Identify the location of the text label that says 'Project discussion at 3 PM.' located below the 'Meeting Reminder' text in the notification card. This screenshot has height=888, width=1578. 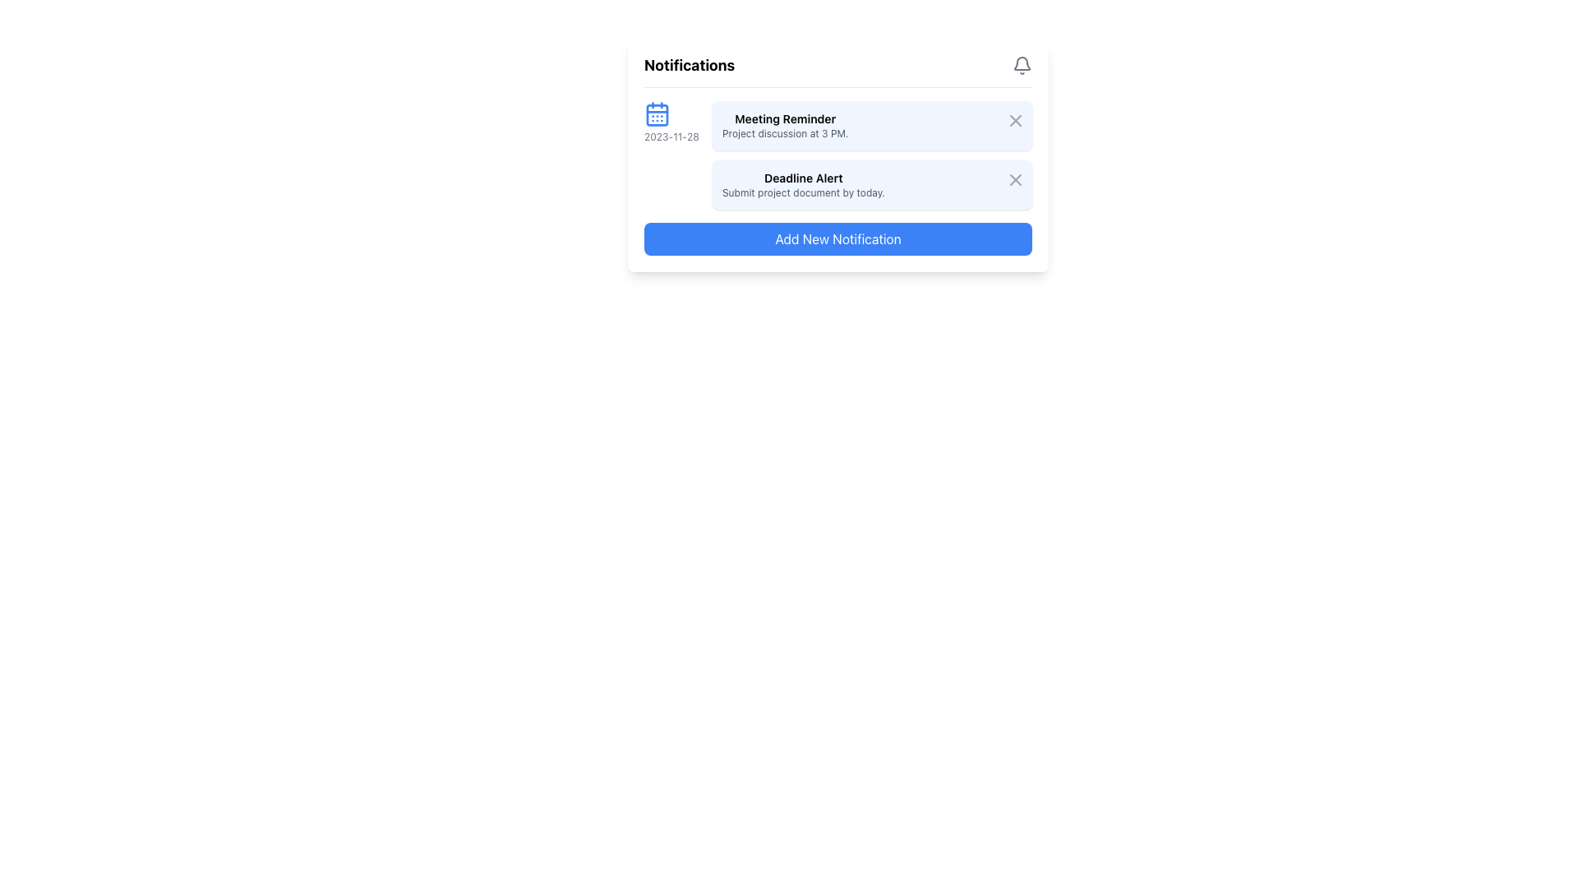
(784, 132).